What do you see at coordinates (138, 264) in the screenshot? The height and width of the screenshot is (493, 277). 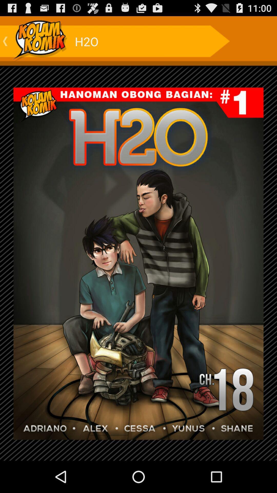 I see `icon at the center` at bounding box center [138, 264].